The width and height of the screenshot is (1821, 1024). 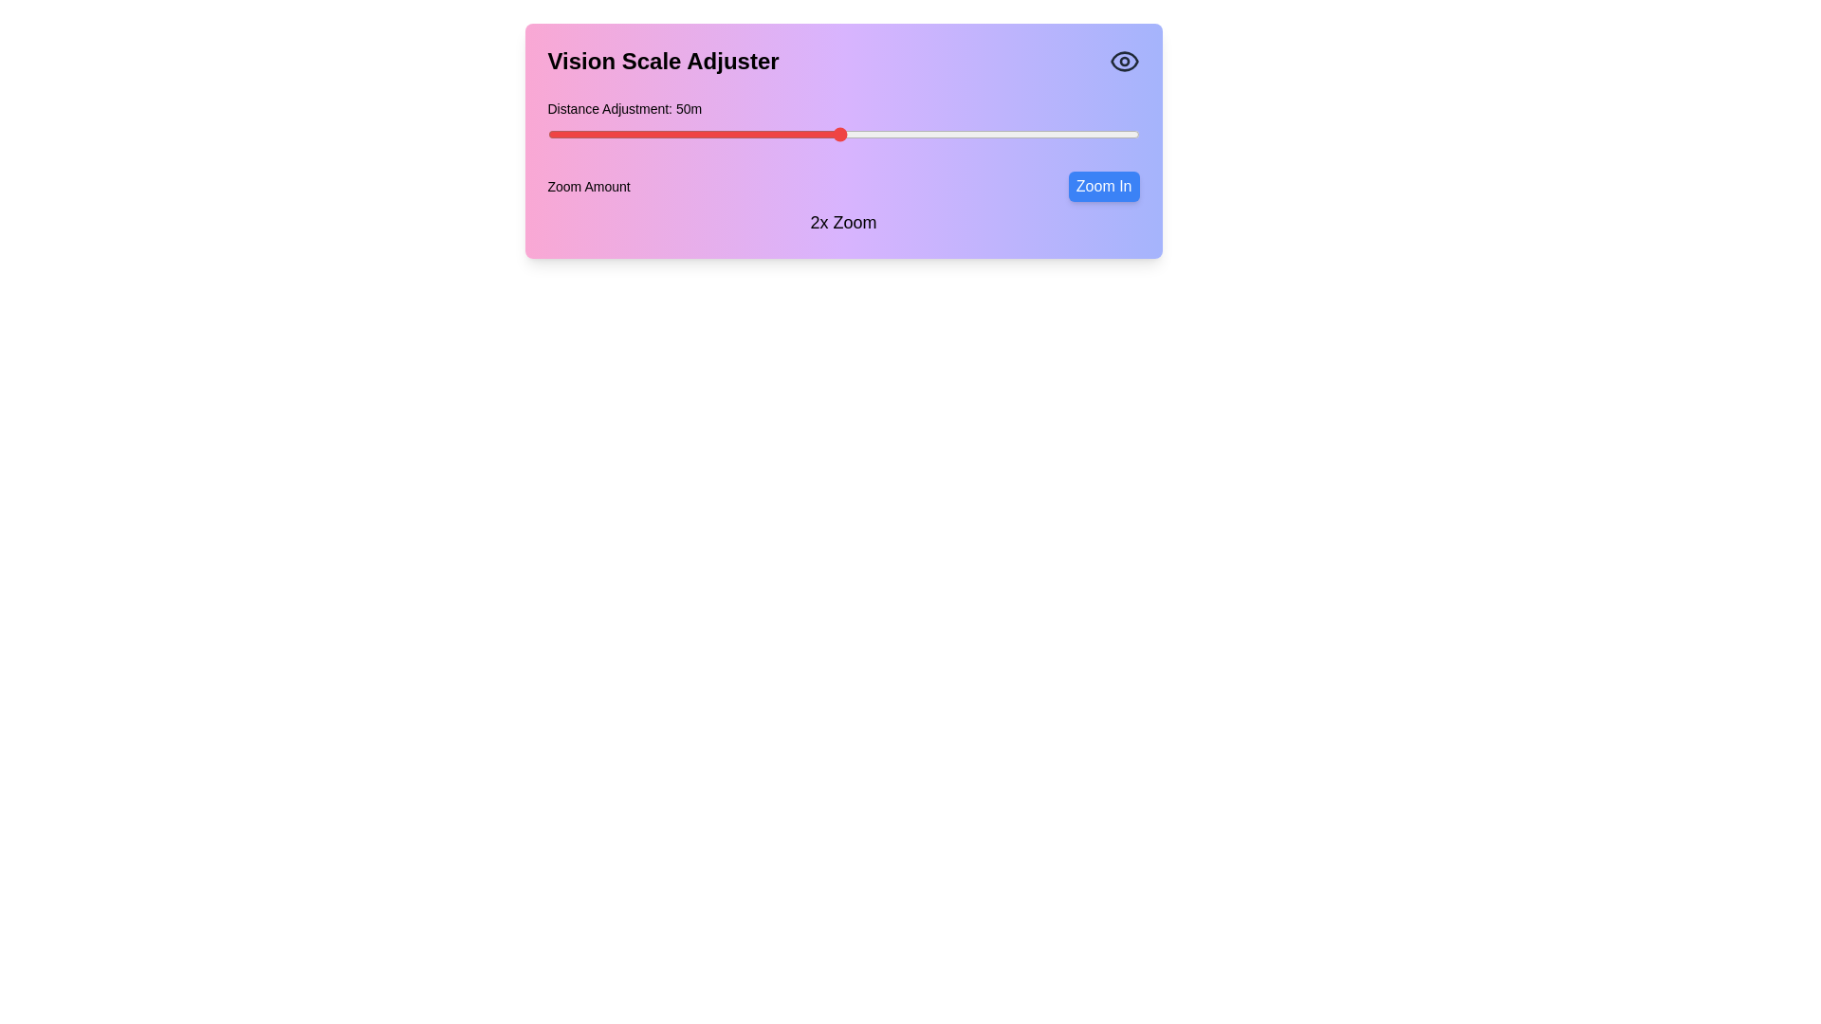 What do you see at coordinates (1104, 186) in the screenshot?
I see `the zoom-in button located to the right of the label 'Zoom Amount' in the bottom-right corner of the card-like component` at bounding box center [1104, 186].